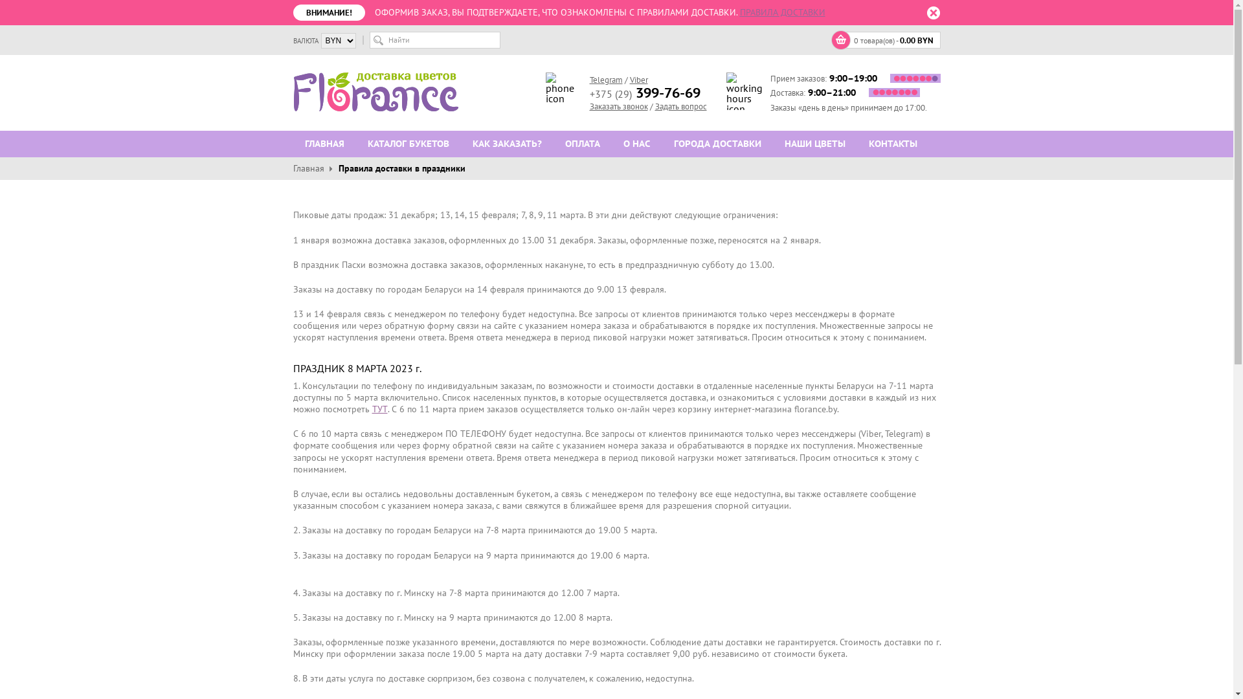  What do you see at coordinates (291, 91) in the screenshot?
I see `'Florance'` at bounding box center [291, 91].